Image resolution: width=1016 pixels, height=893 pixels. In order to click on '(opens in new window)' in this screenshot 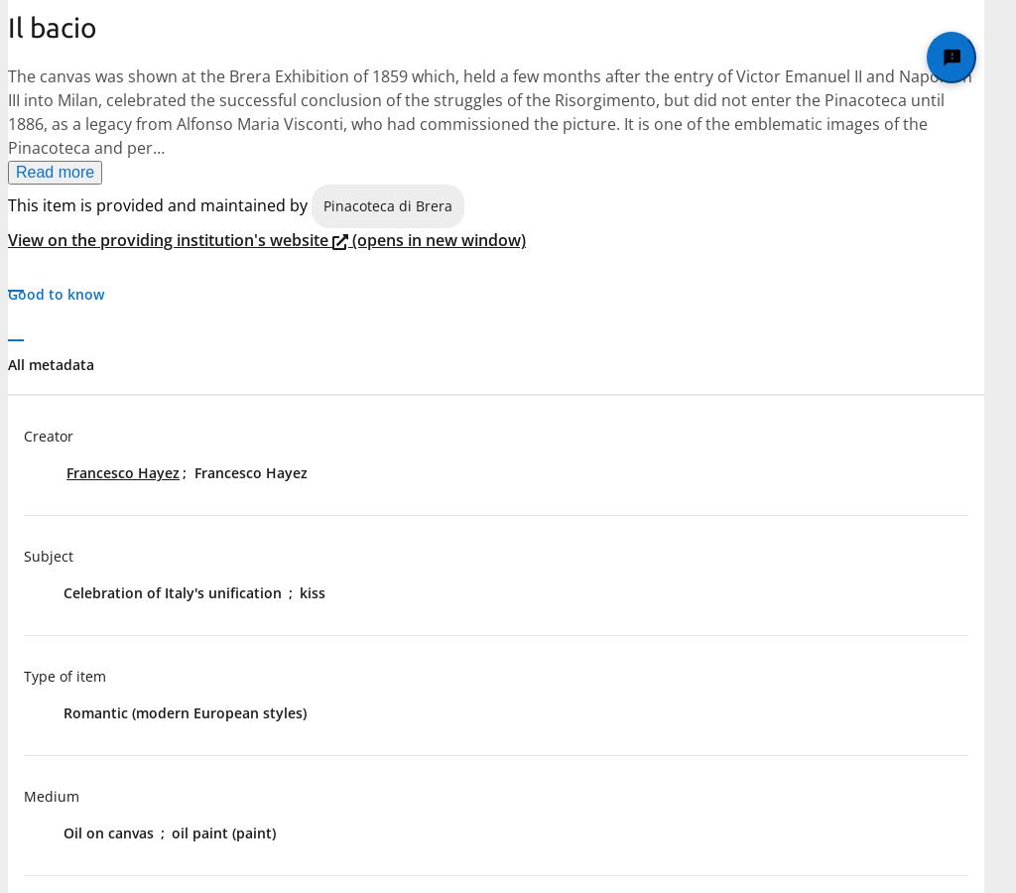, I will do `click(437, 239)`.